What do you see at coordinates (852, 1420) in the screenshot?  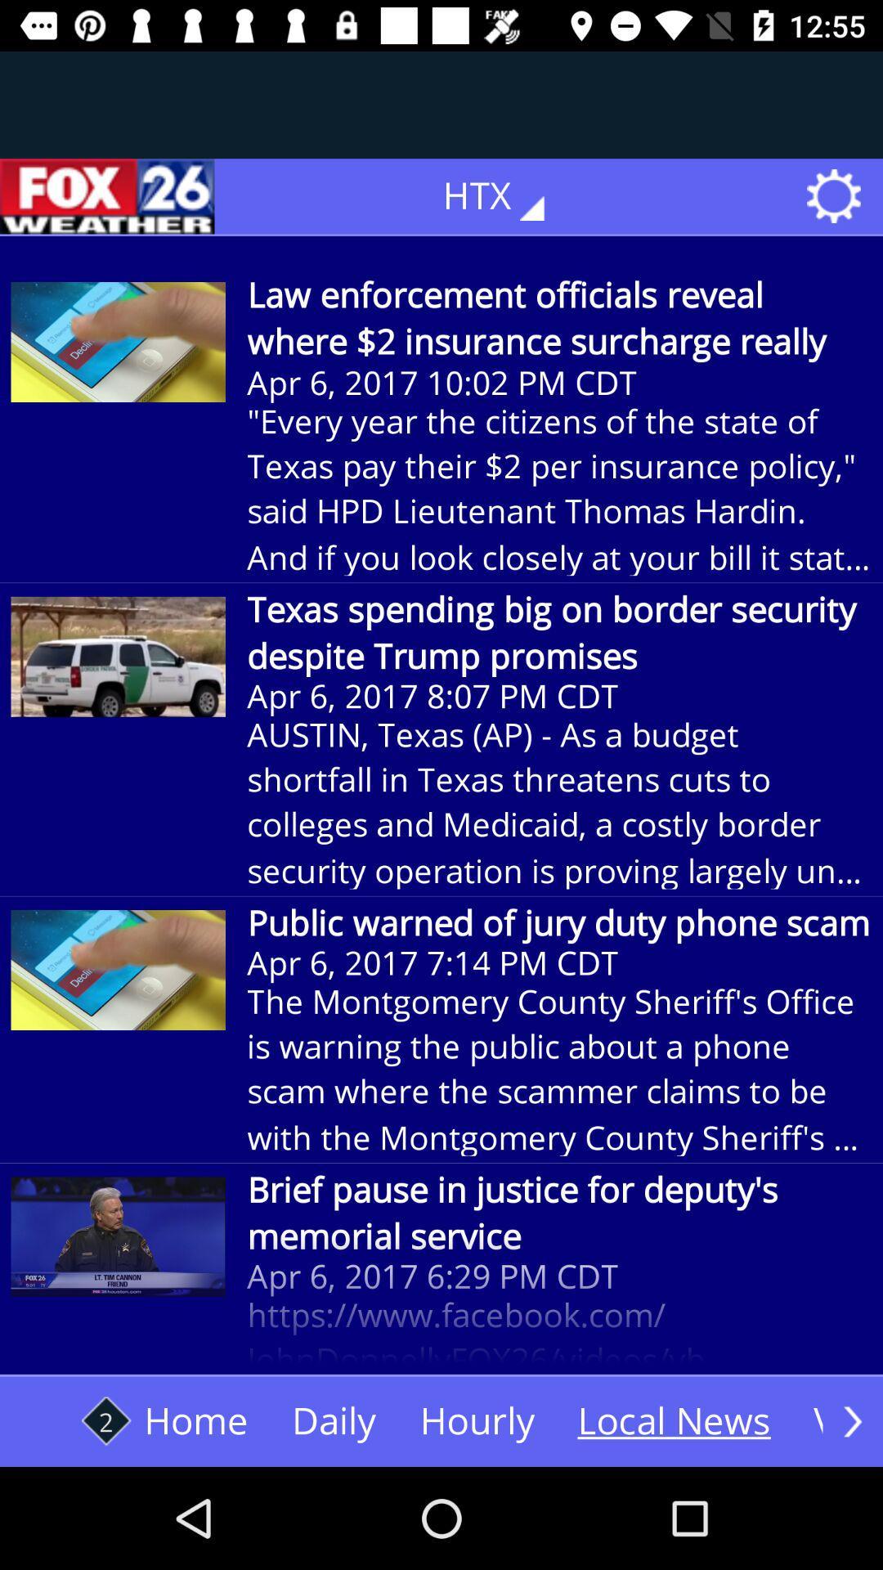 I see `the arrow_forward icon` at bounding box center [852, 1420].